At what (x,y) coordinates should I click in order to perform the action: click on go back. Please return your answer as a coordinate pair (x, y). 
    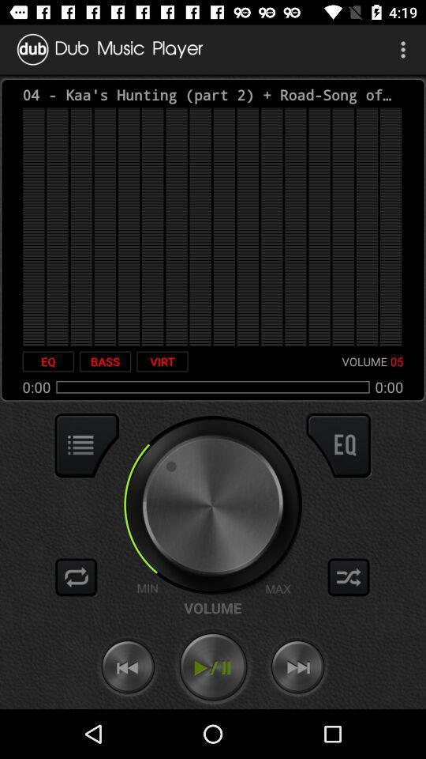
    Looking at the image, I should click on (127, 666).